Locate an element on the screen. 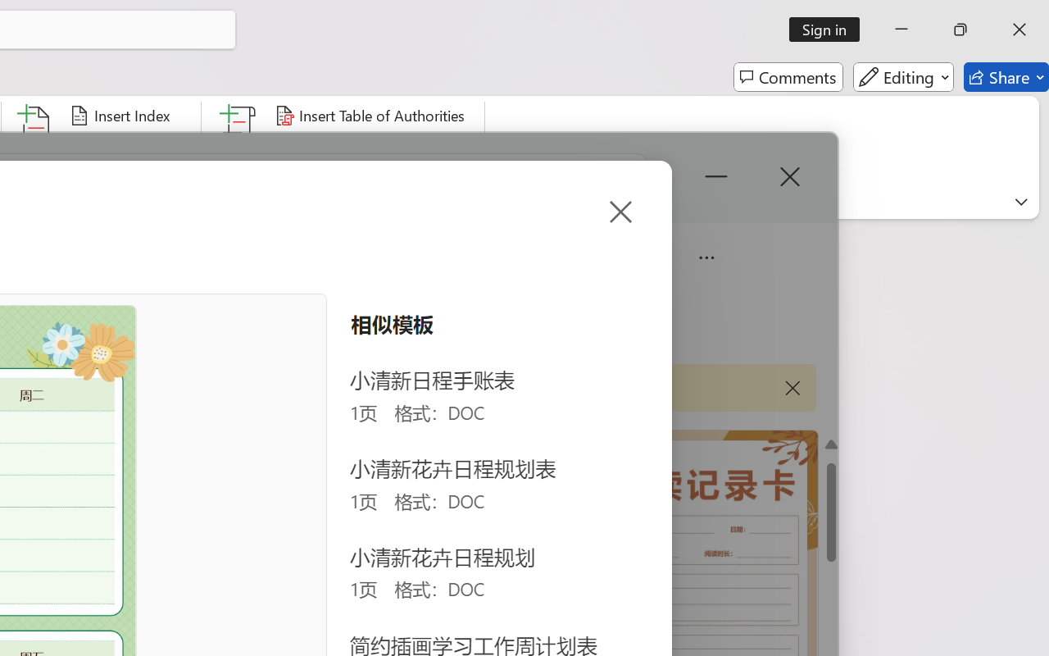 The image size is (1049, 656). 'Insert Table of Authorities...' is located at coordinates (371, 116).